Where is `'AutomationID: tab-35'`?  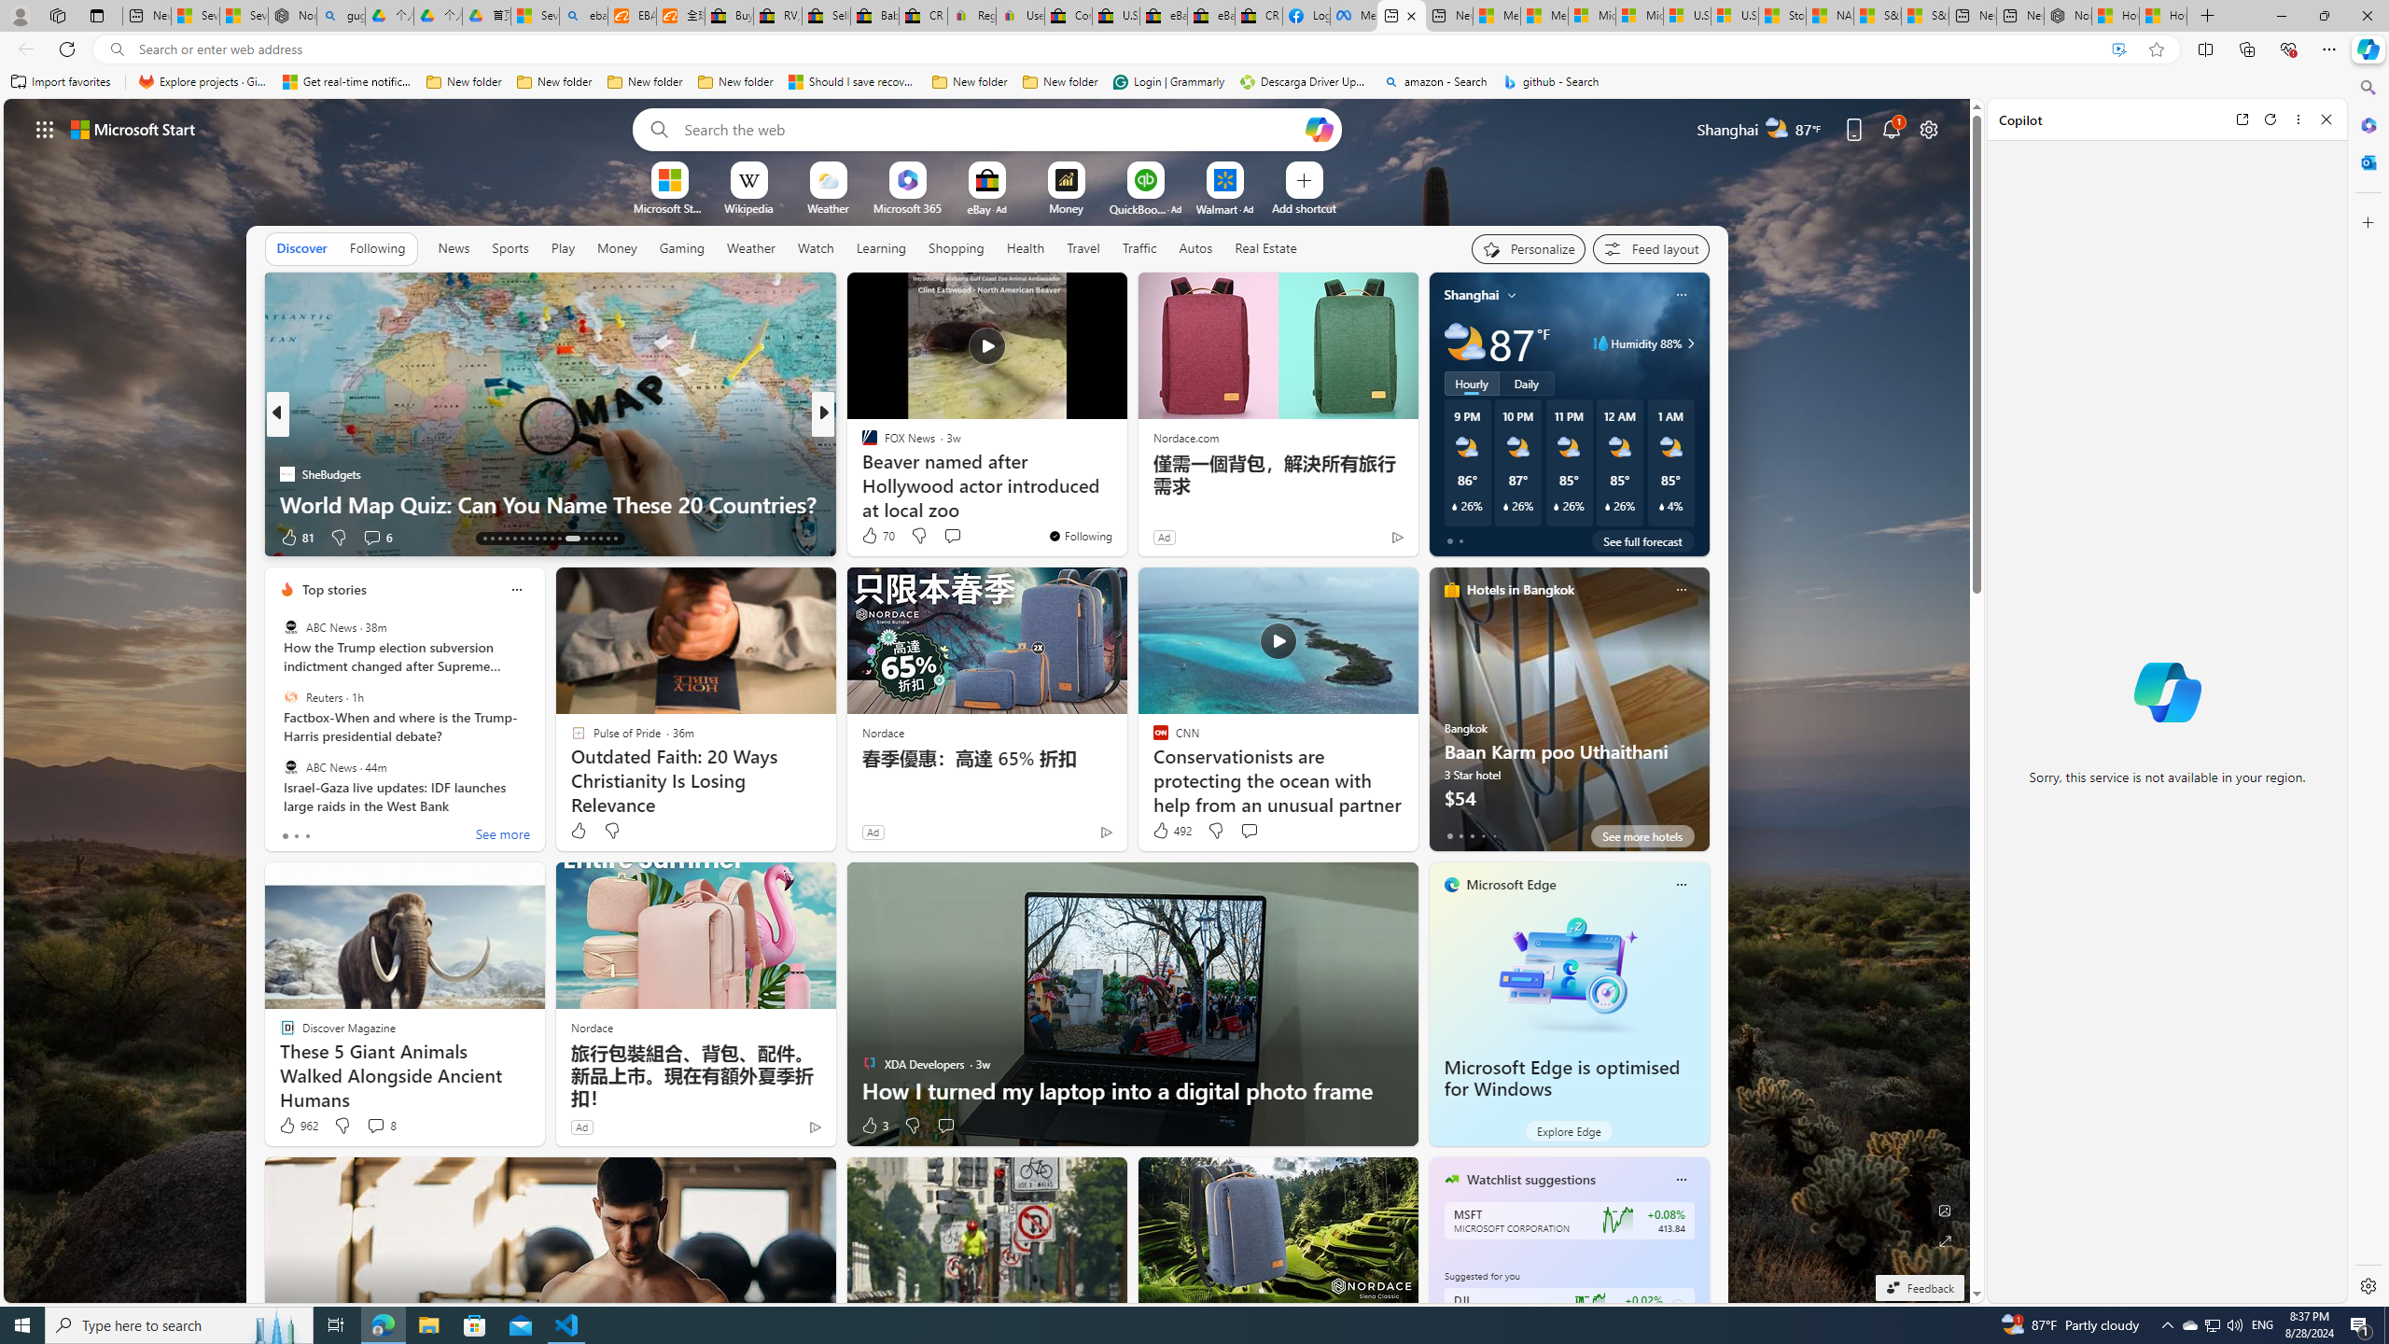 'AutomationID: tab-35' is located at coordinates (615, 539).